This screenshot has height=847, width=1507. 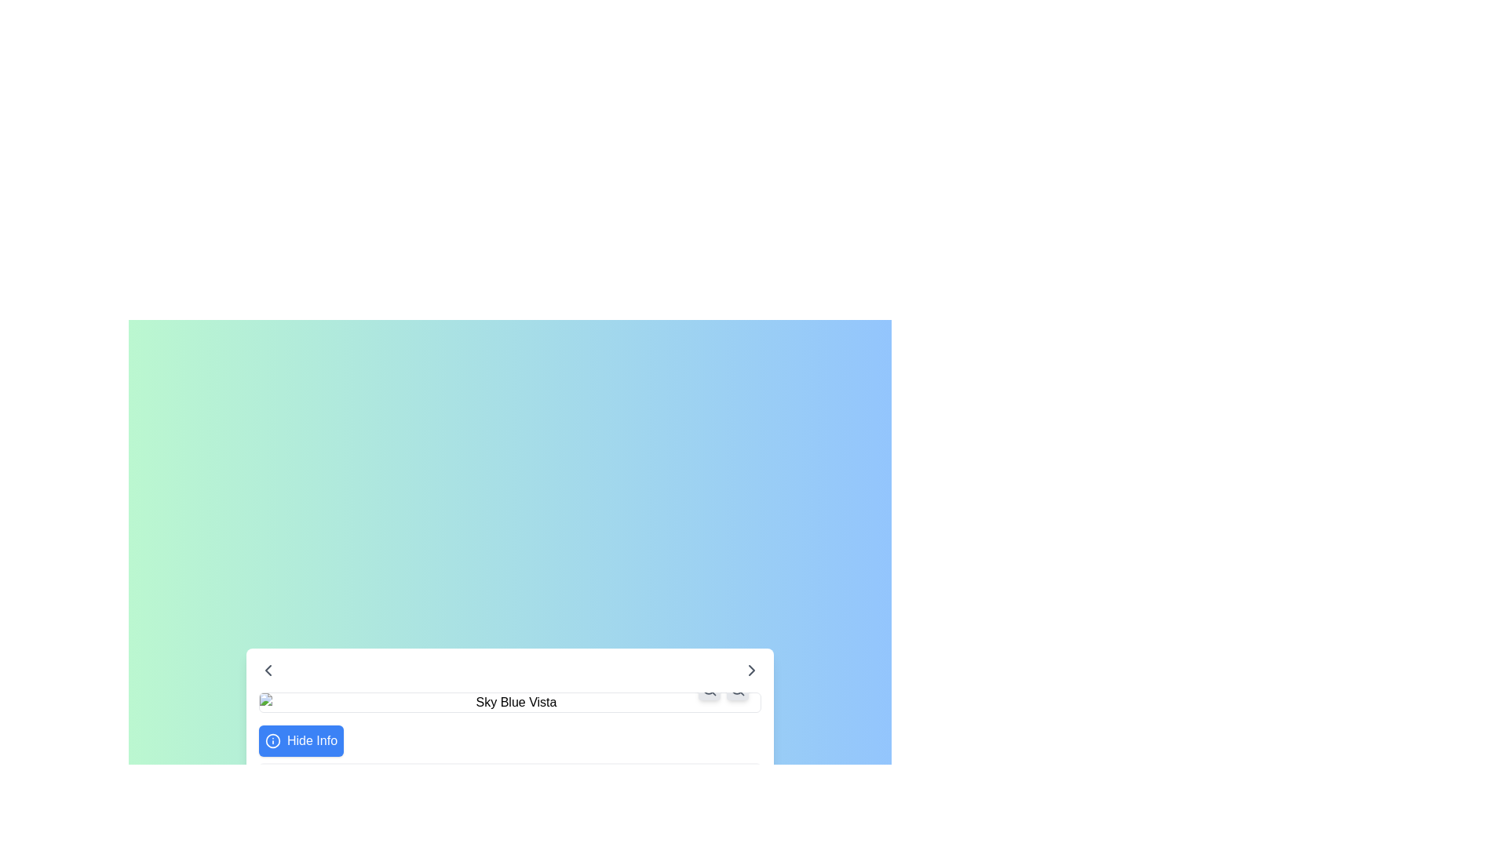 What do you see at coordinates (708, 689) in the screenshot?
I see `the zoom out button located in the top-right corner of the 'Sky Blue Vista' toolbar` at bounding box center [708, 689].